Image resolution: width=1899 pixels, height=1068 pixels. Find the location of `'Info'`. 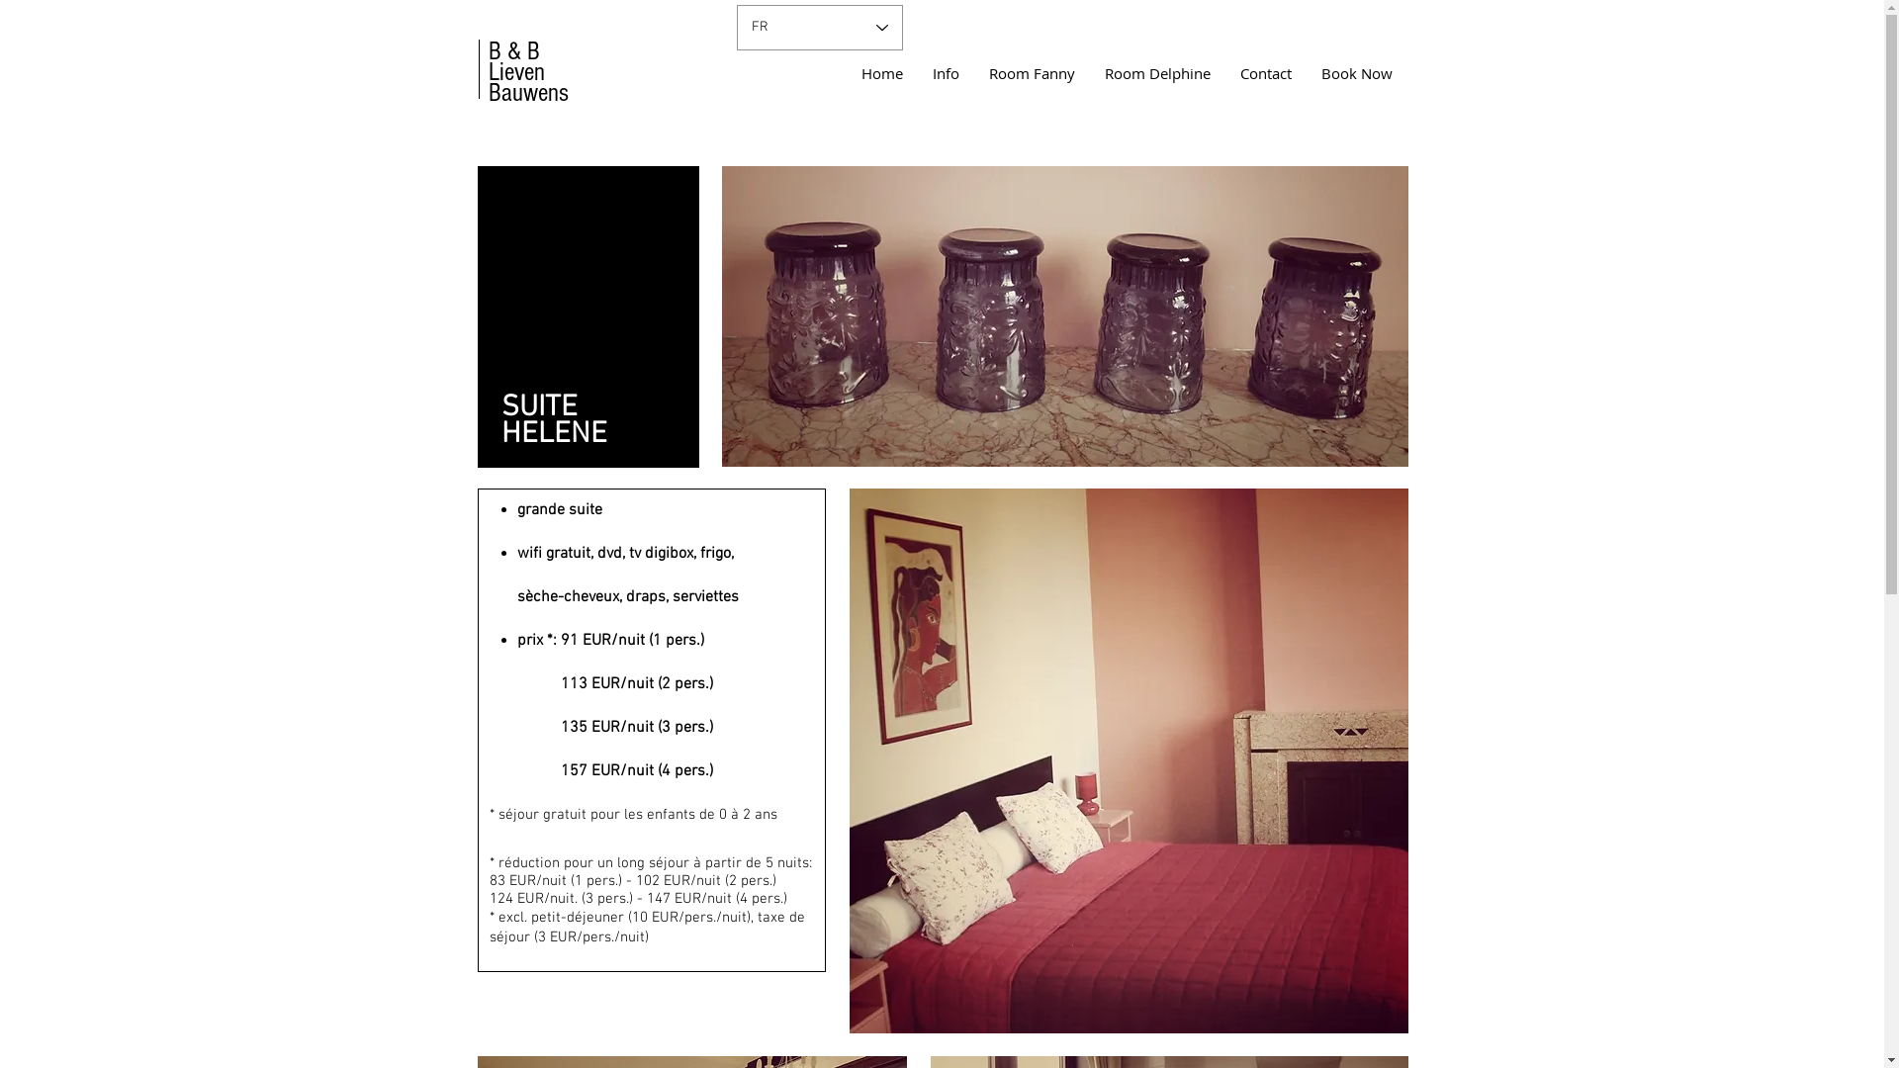

'Info' is located at coordinates (945, 71).